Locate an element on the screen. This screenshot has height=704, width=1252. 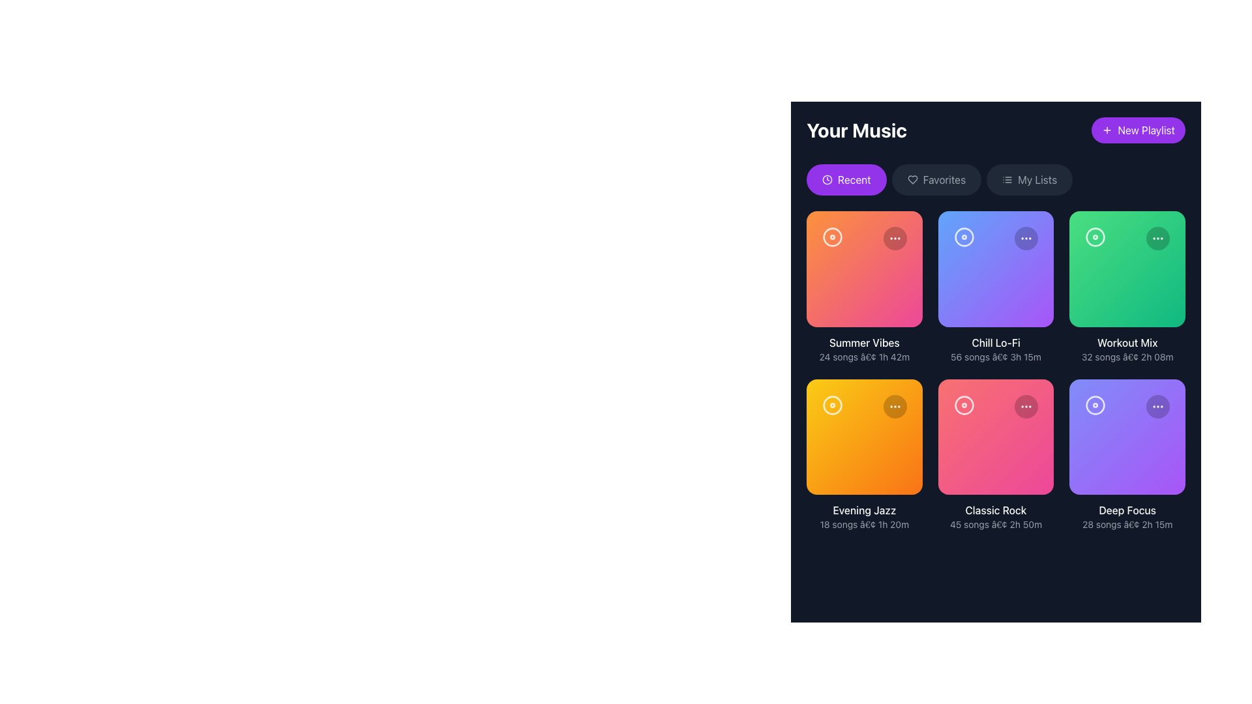
the 'My Lists' button is located at coordinates (1029, 180).